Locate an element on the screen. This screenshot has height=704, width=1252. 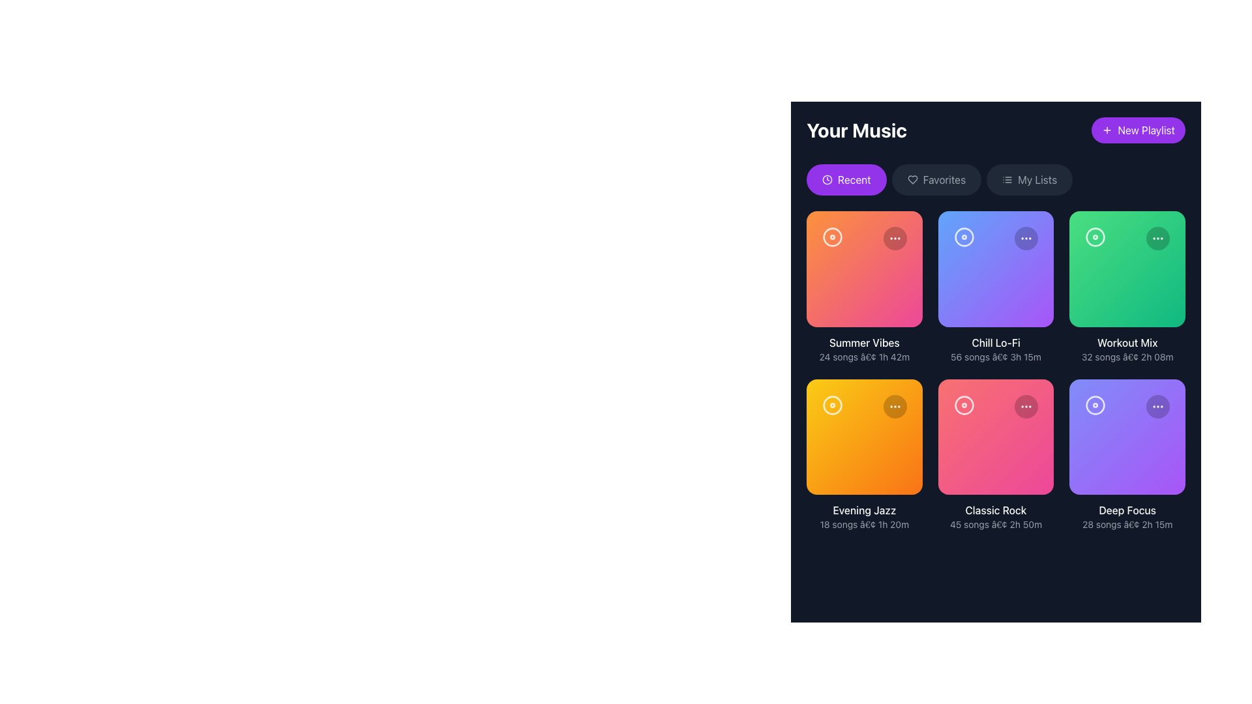
the 'My Lists' button is located at coordinates (1029, 180).